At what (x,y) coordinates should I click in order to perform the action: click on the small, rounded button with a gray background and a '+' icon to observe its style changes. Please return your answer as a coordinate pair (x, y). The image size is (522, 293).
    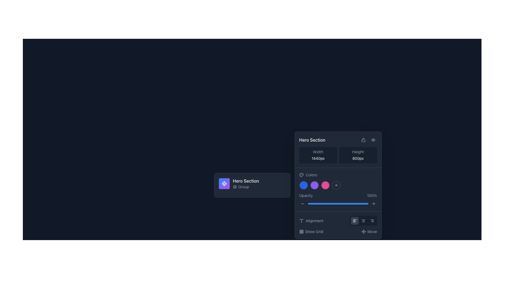
    Looking at the image, I should click on (373, 204).